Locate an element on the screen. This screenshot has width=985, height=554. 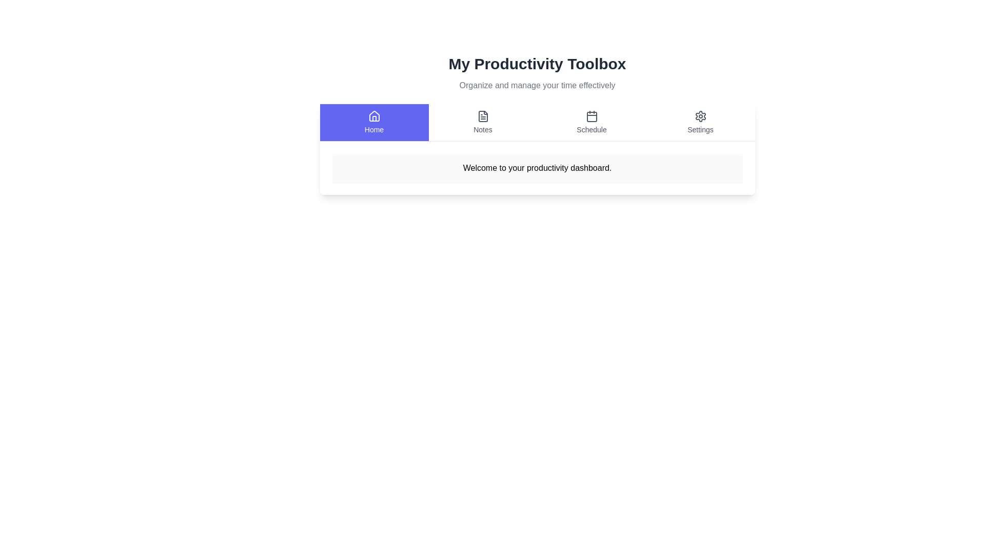
the 'Notes' button on the navigation bar is located at coordinates (482, 122).